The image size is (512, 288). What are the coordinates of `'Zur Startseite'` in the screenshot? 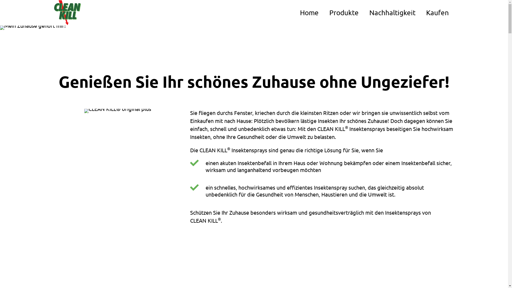 It's located at (67, 12).